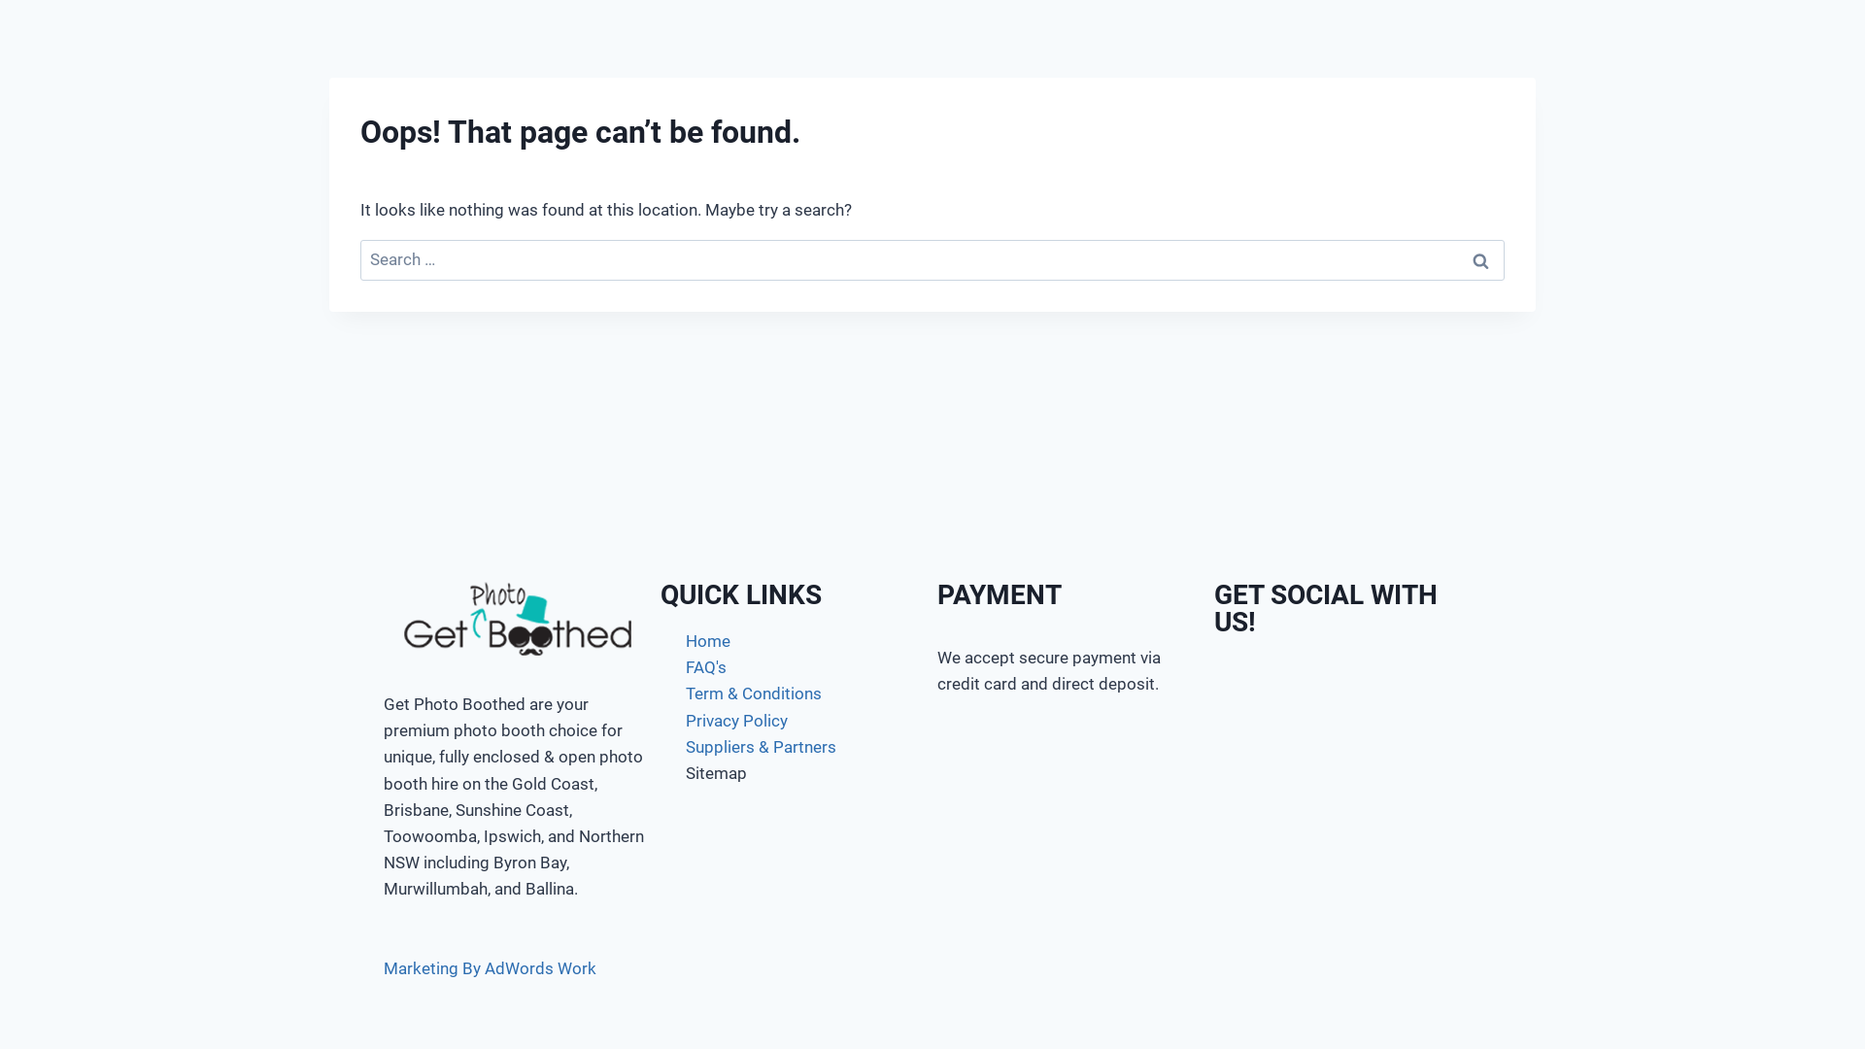 The height and width of the screenshot is (1049, 1865). I want to click on 'Home', so click(794, 641).